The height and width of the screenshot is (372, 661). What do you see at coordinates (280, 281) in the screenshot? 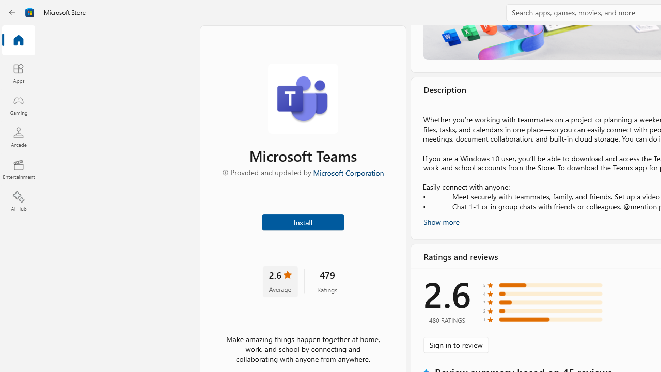
I see `'2.6 stars. Click to skip to ratings and reviews'` at bounding box center [280, 281].